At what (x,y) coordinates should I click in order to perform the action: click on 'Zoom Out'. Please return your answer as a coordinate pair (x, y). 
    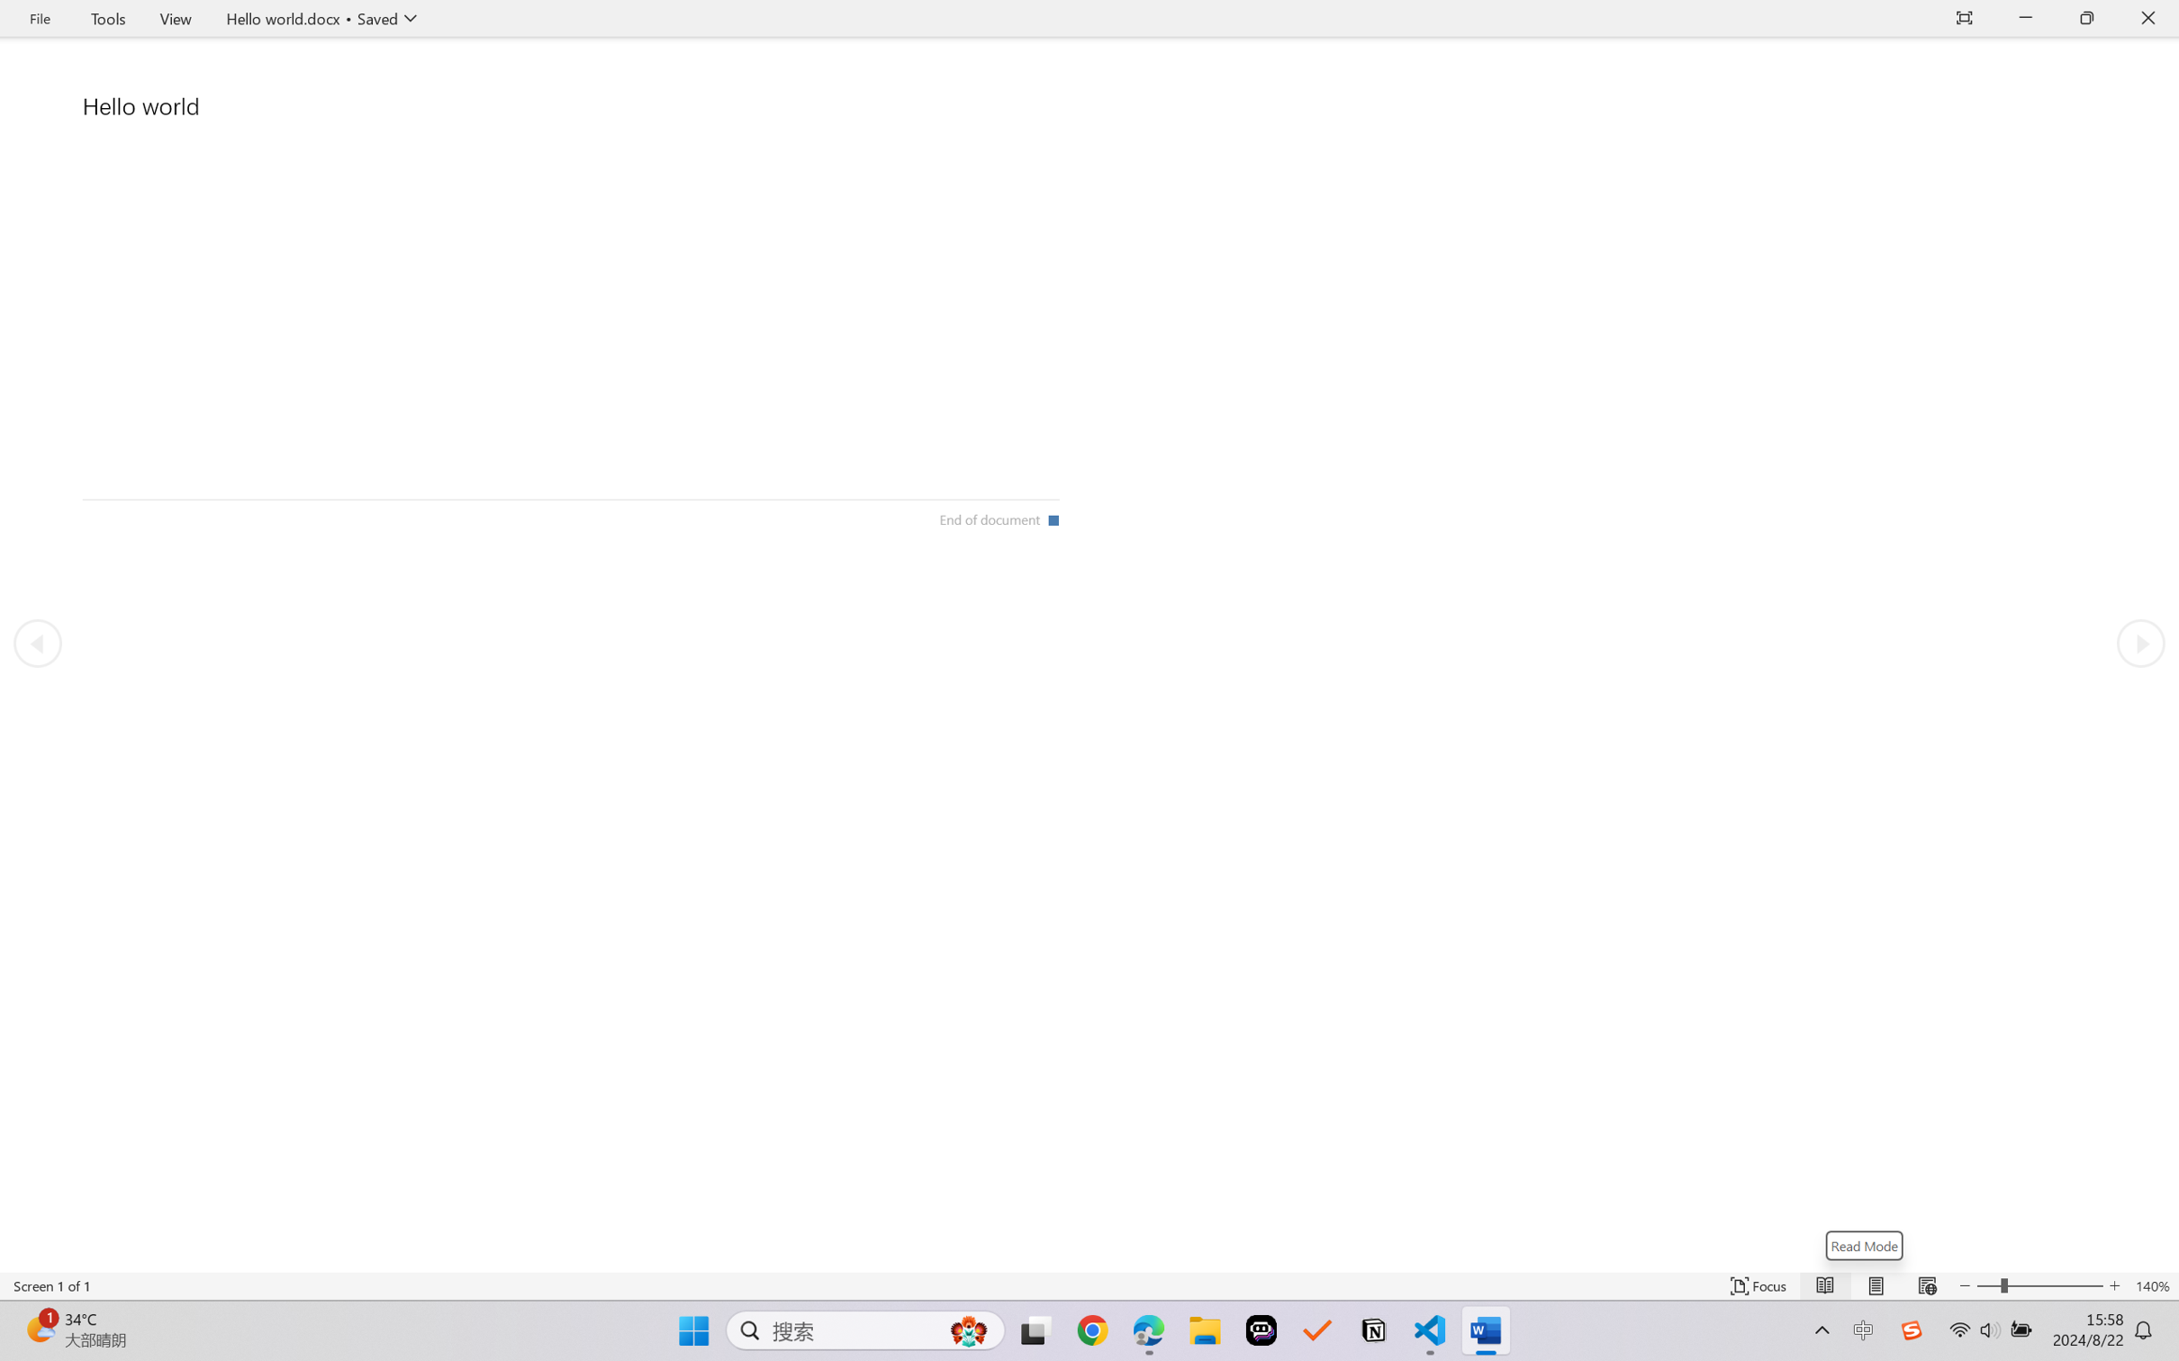
    Looking at the image, I should click on (1987, 1285).